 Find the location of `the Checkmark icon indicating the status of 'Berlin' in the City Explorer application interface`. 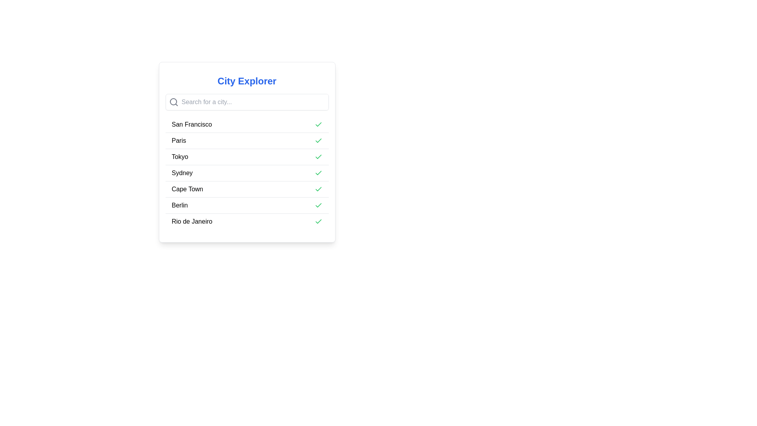

the Checkmark icon indicating the status of 'Berlin' in the City Explorer application interface is located at coordinates (318, 205).